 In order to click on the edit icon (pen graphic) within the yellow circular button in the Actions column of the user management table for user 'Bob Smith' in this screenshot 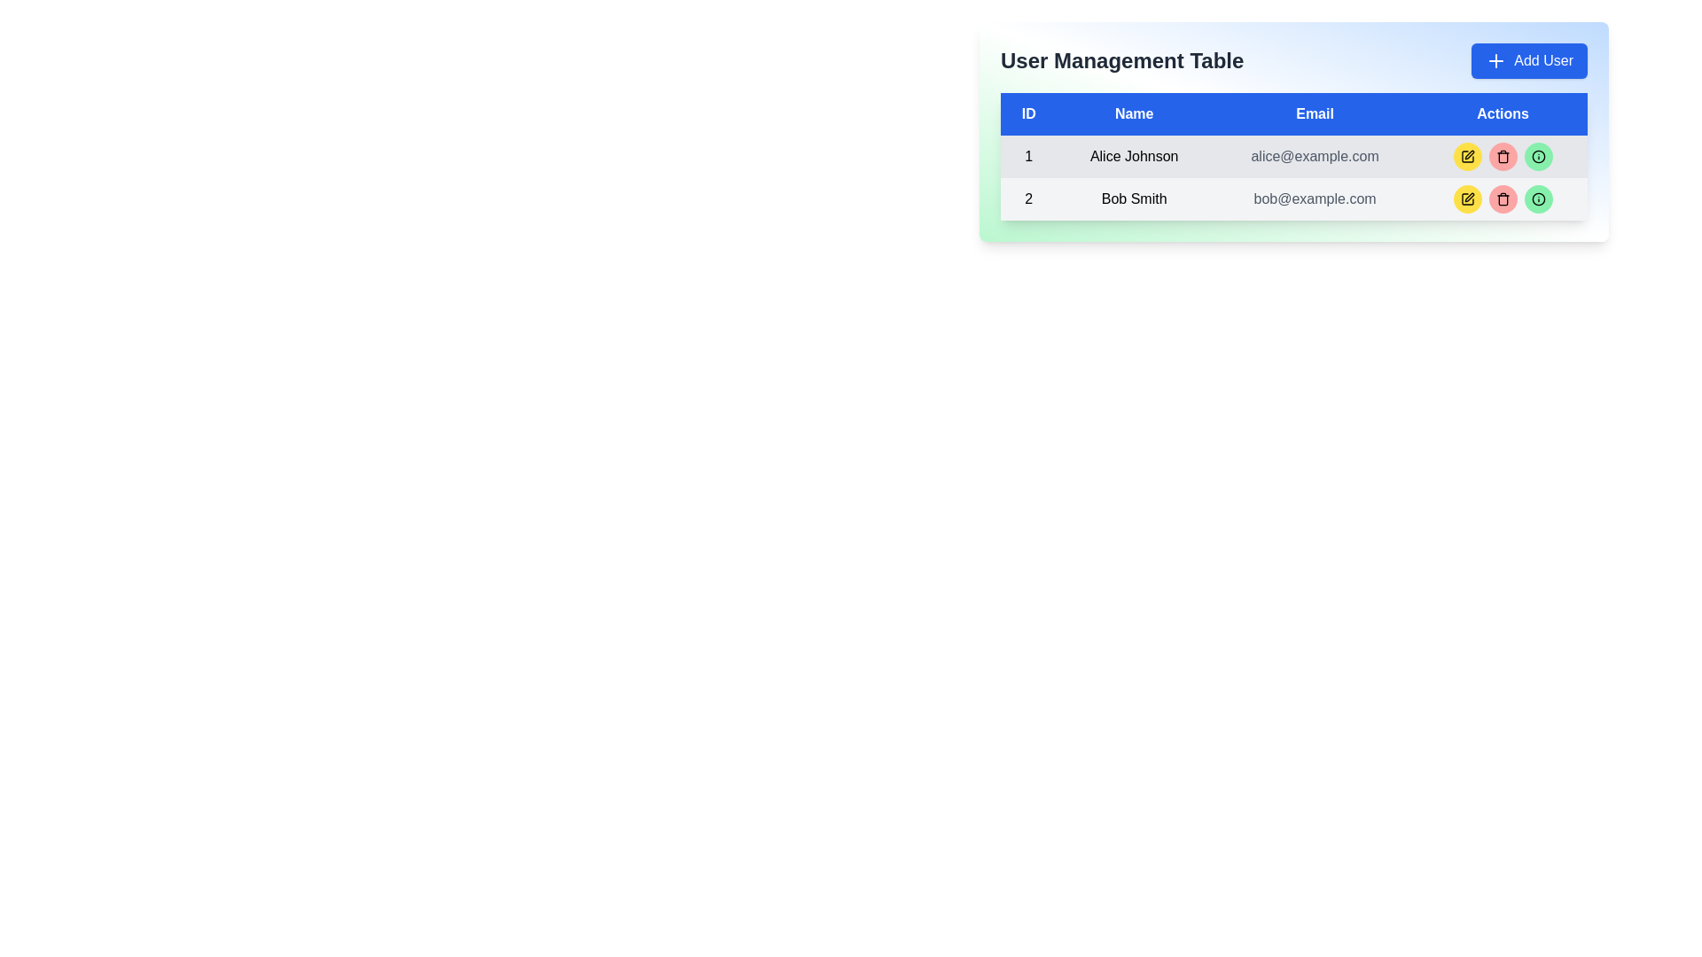, I will do `click(1469, 198)`.